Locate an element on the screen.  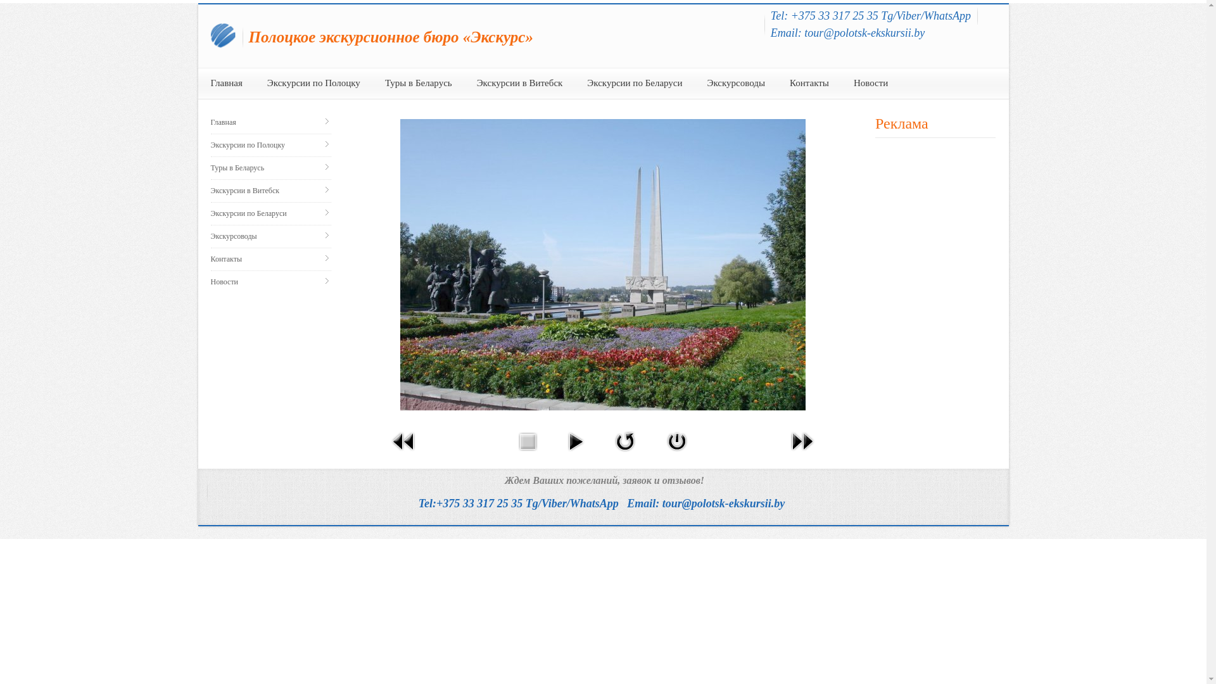
'Email: tour@polotsk-ekskursii.by' is located at coordinates (705, 502).